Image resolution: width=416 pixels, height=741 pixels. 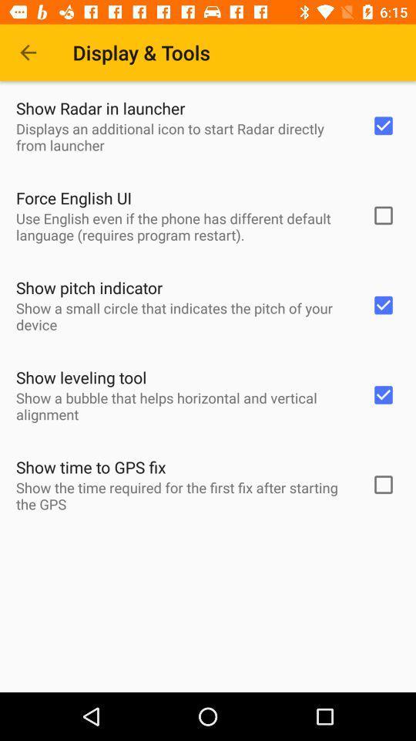 I want to click on the show radar in icon, so click(x=100, y=107).